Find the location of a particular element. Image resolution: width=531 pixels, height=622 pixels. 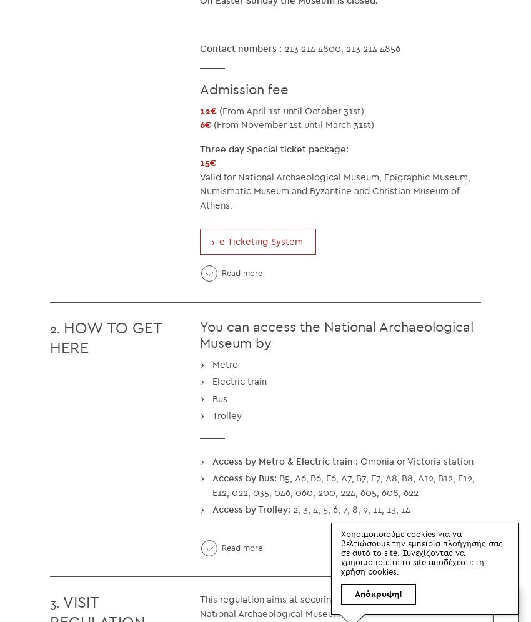

'Access by Metro & Electric train :' is located at coordinates (284, 460).